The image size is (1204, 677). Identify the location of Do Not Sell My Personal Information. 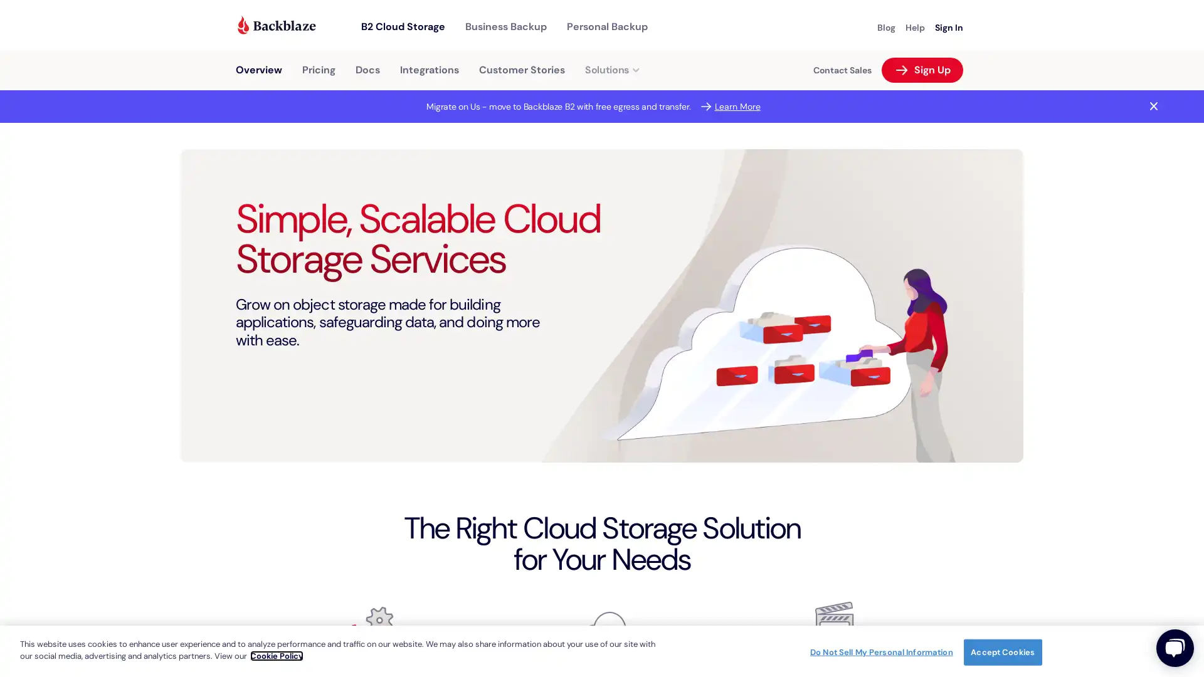
(877, 651).